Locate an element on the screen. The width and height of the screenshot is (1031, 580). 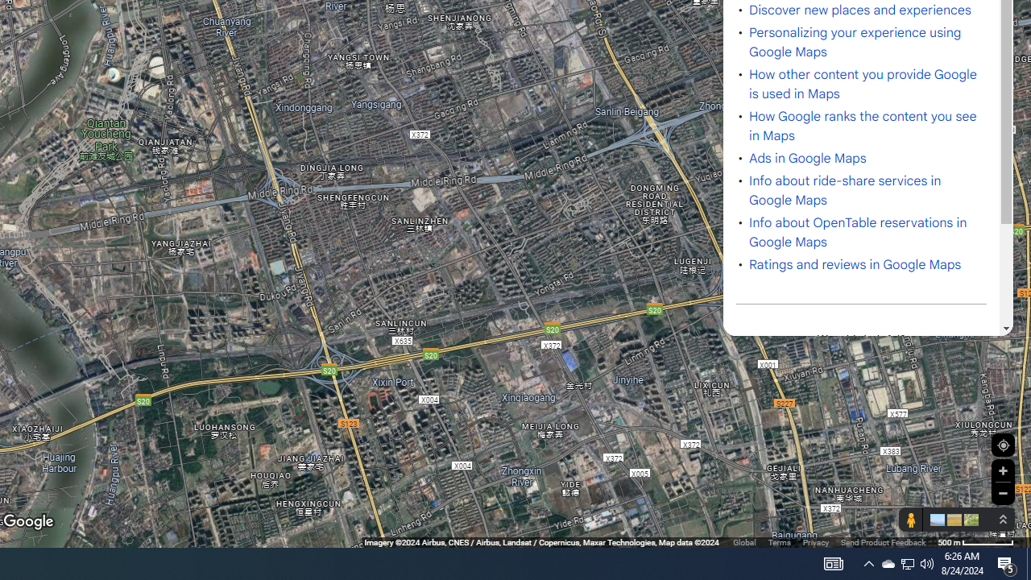
'Zoom out' is located at coordinates (1002, 492).